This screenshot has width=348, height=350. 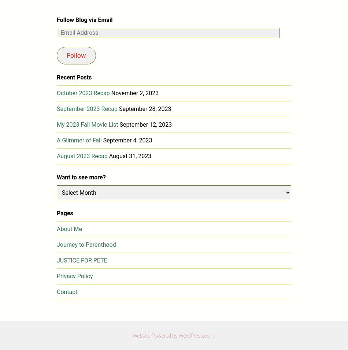 What do you see at coordinates (74, 275) in the screenshot?
I see `'Privacy Policy'` at bounding box center [74, 275].